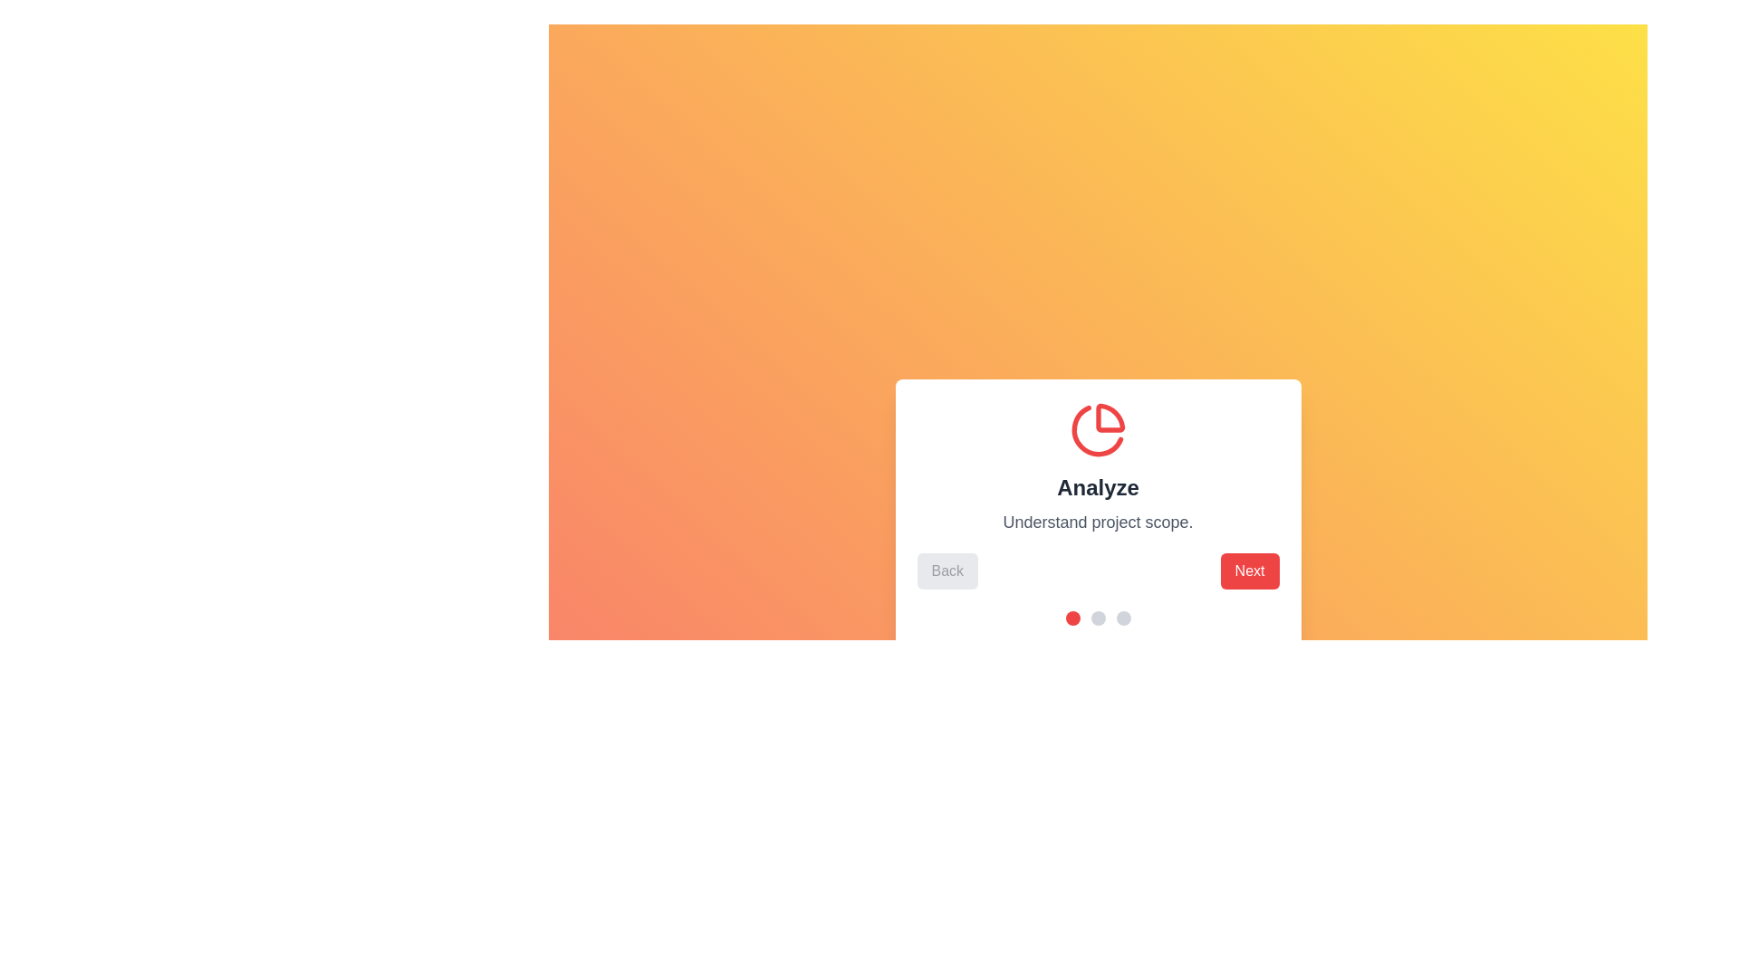 The image size is (1739, 978). Describe the element at coordinates (1122, 617) in the screenshot. I see `the progress dot corresponding to stage 3` at that location.